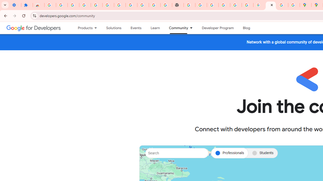  Describe the element at coordinates (38, 5) in the screenshot. I see `'Reviews: Helix Fruit Jump Arcade Game'` at that location.